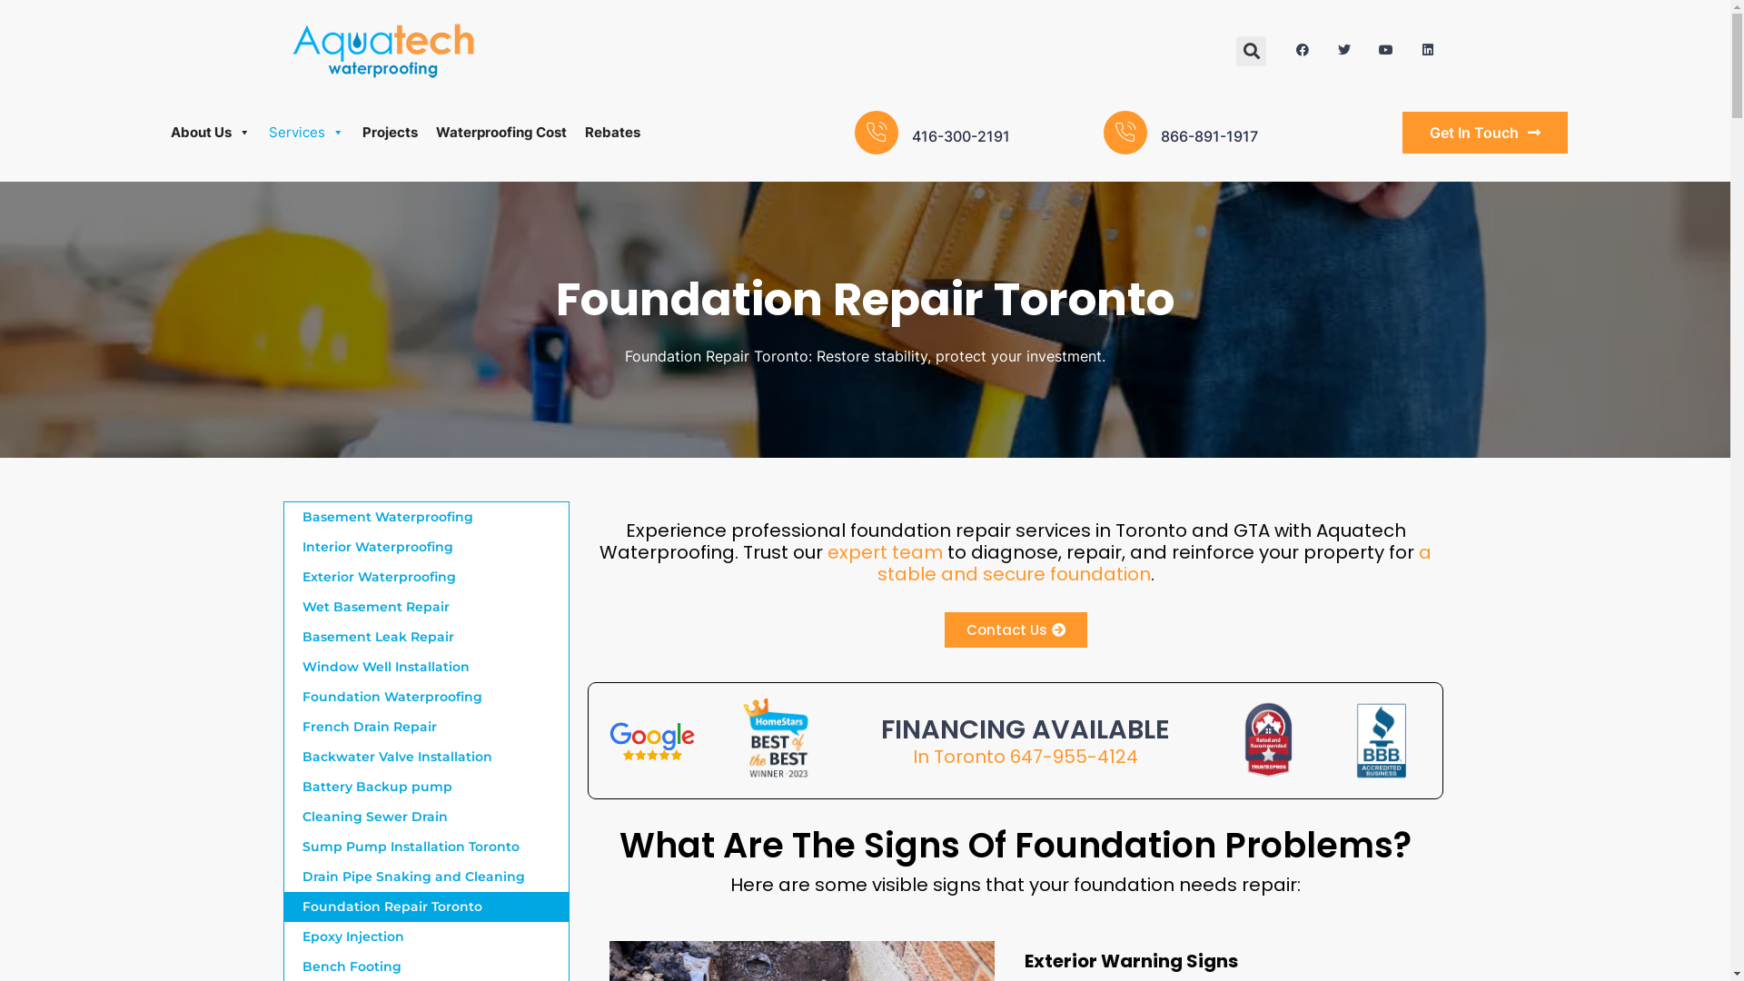 This screenshot has height=981, width=1744. What do you see at coordinates (612, 132) in the screenshot?
I see `'Rebates'` at bounding box center [612, 132].